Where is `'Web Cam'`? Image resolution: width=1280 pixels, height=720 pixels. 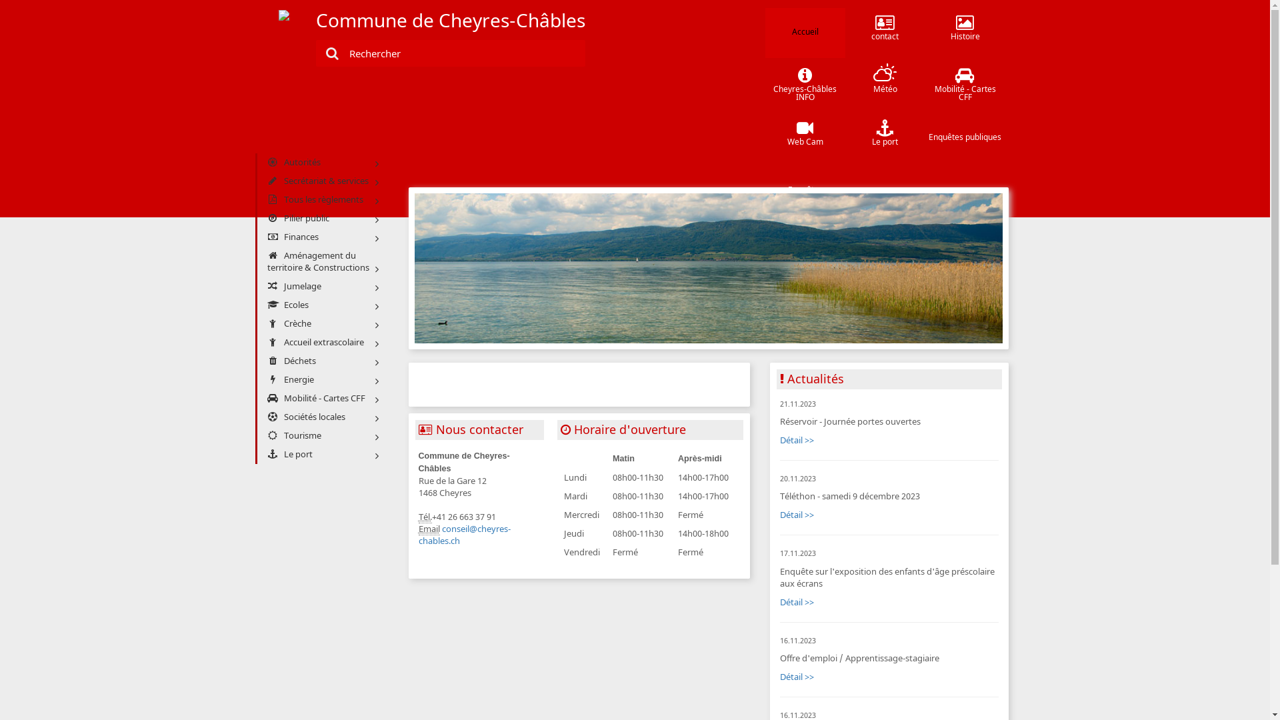 'Web Cam' is located at coordinates (805, 138).